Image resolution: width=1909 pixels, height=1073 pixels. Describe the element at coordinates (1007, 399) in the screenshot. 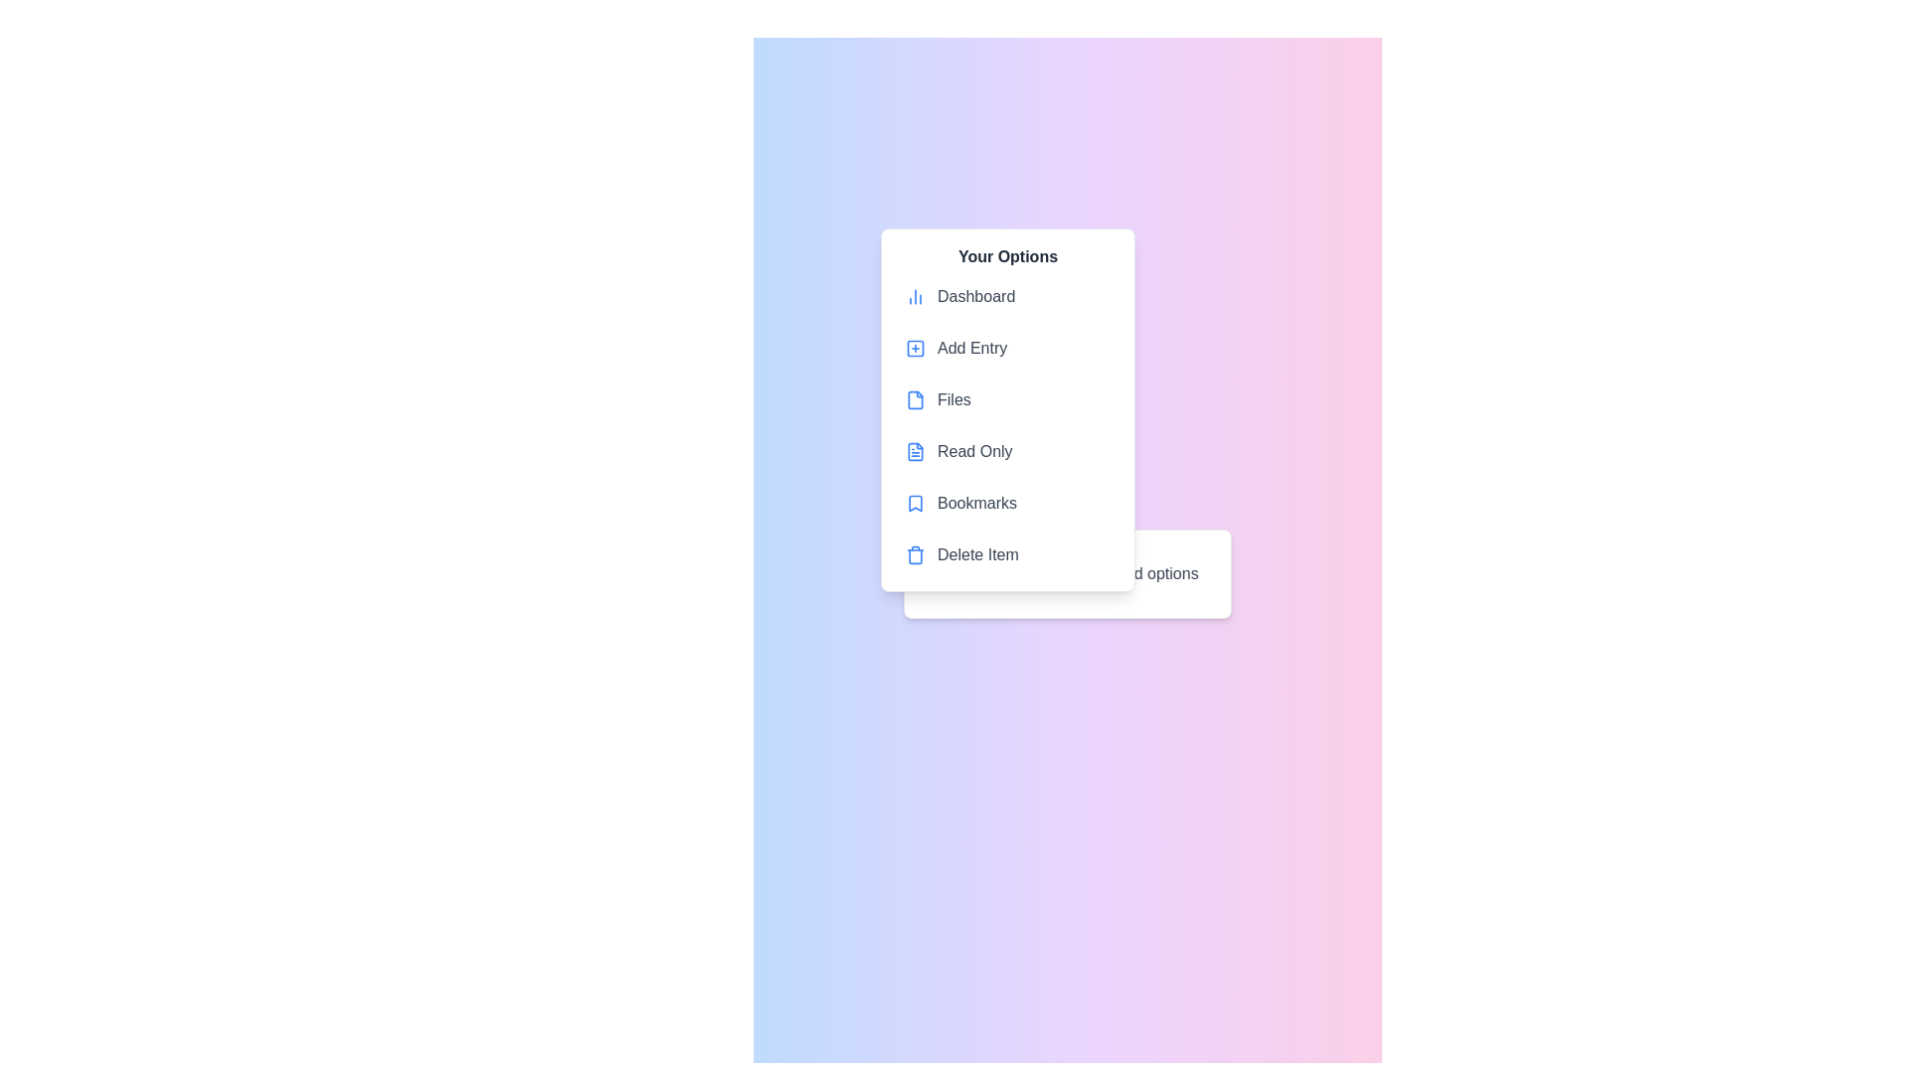

I see `the menu item labeled 'Files' in the context menu` at that location.